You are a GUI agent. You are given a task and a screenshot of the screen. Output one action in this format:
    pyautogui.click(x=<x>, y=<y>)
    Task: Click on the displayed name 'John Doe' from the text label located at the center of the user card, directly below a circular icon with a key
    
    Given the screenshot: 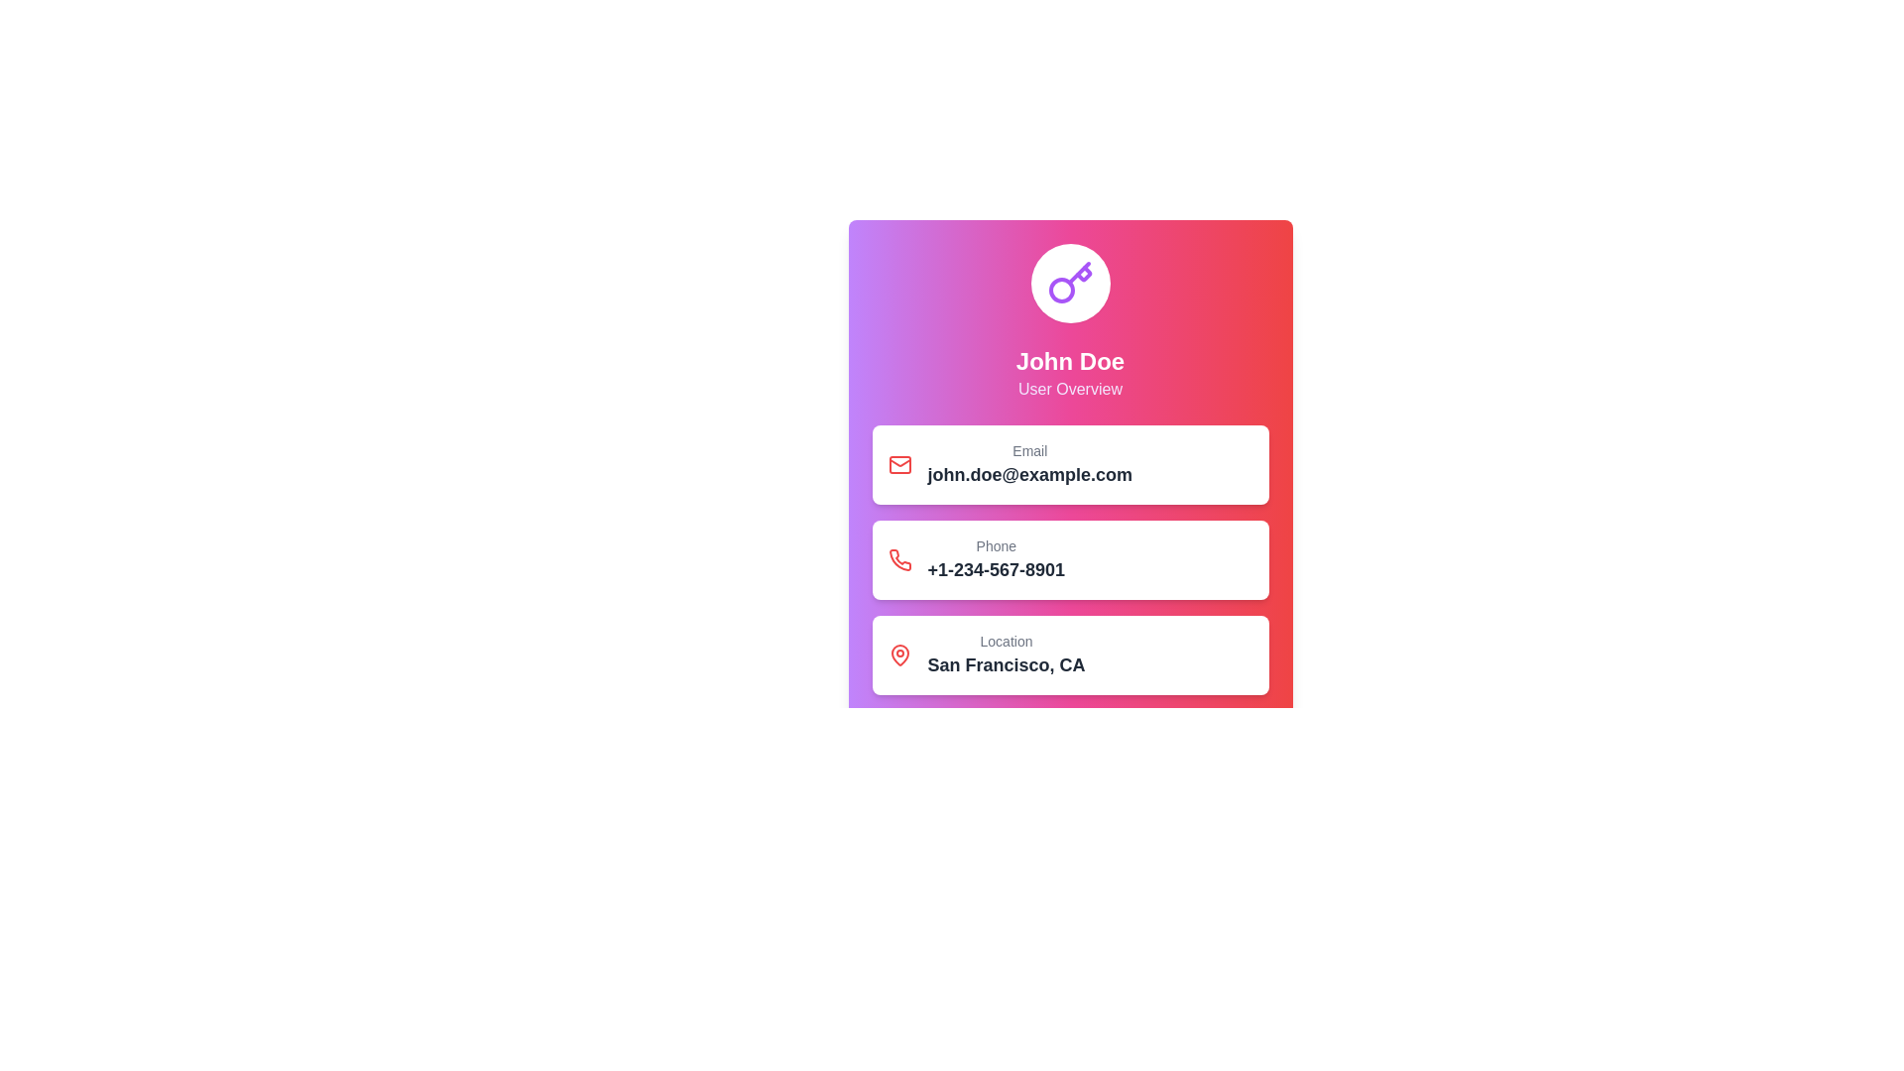 What is the action you would take?
    pyautogui.click(x=1069, y=362)
    